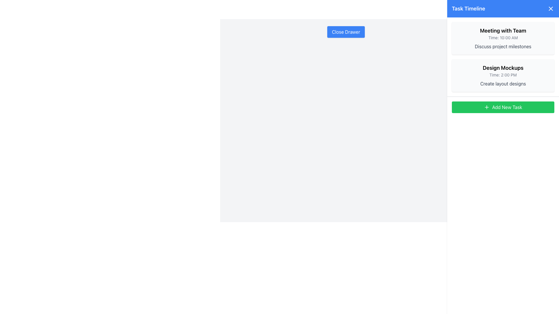 This screenshot has width=559, height=314. I want to click on the time detail text for the 'Meeting with Team' activity in the task timeline, which is located beneath the section title and above the description, so click(503, 38).